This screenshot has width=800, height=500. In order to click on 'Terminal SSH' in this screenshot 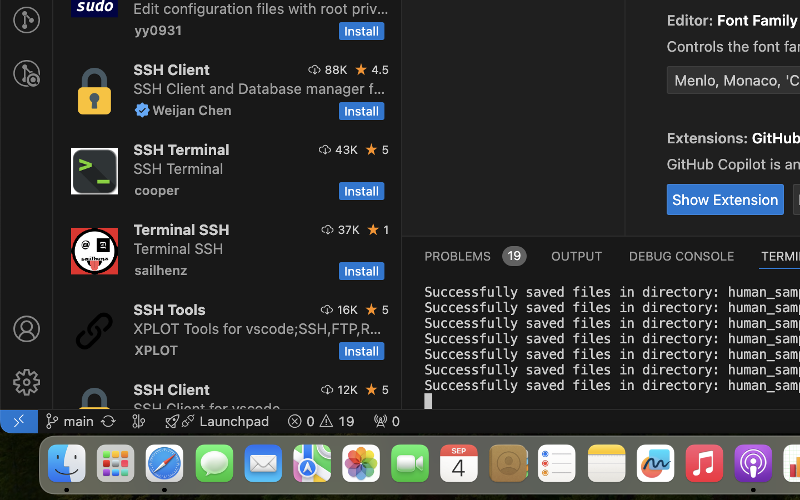, I will do `click(182, 229)`.